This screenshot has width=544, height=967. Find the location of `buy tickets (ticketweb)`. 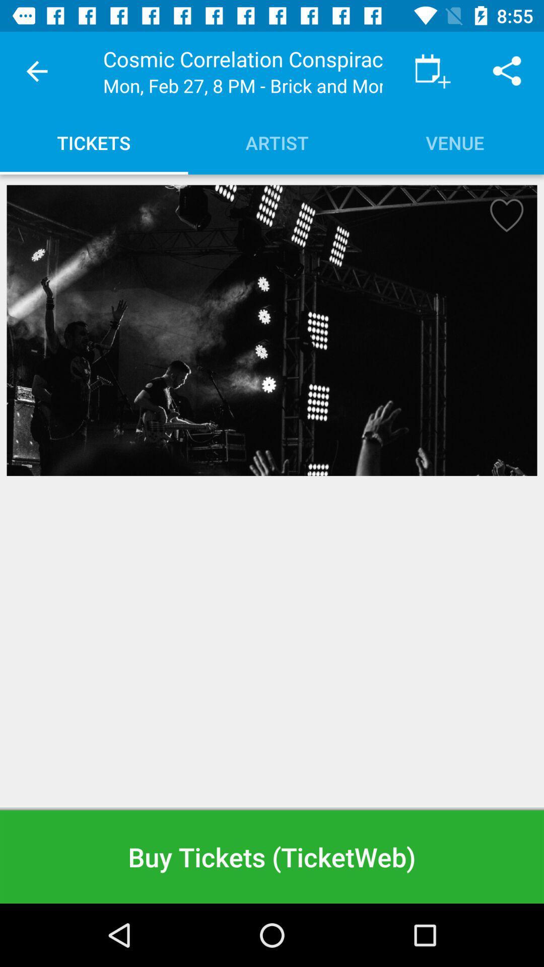

buy tickets (ticketweb) is located at coordinates (272, 856).